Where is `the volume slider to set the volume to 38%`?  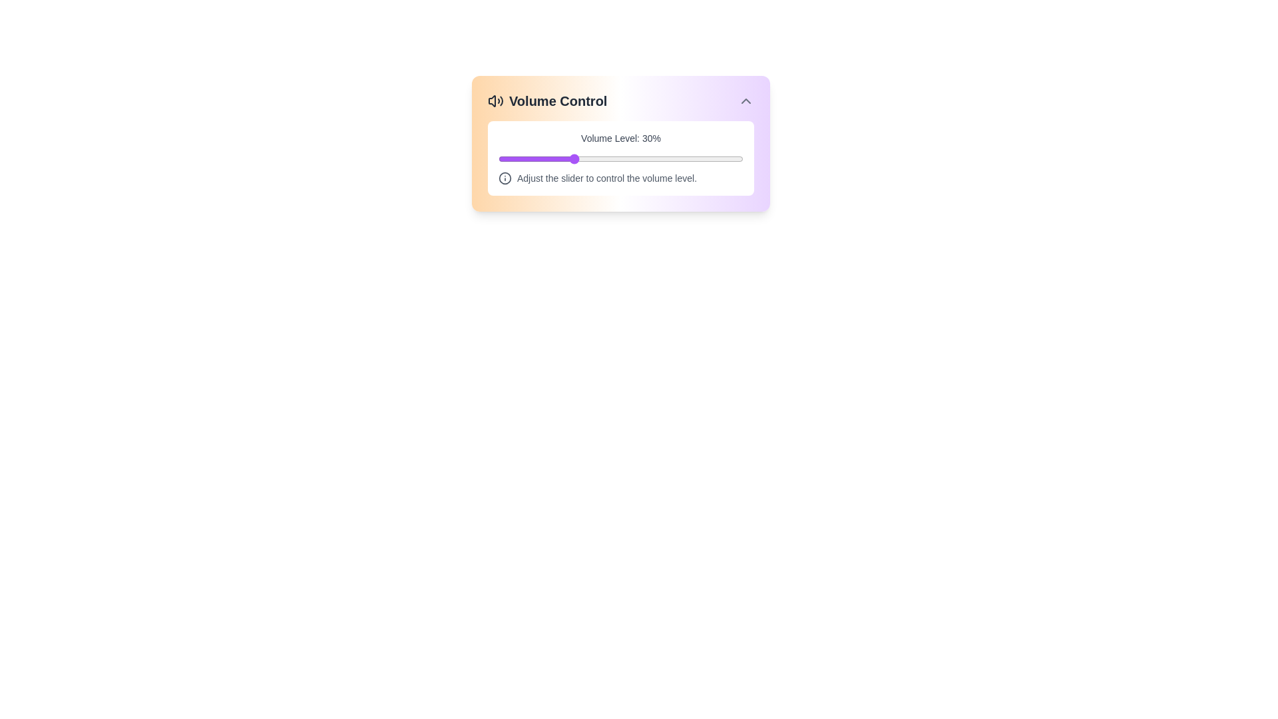 the volume slider to set the volume to 38% is located at coordinates (590, 158).